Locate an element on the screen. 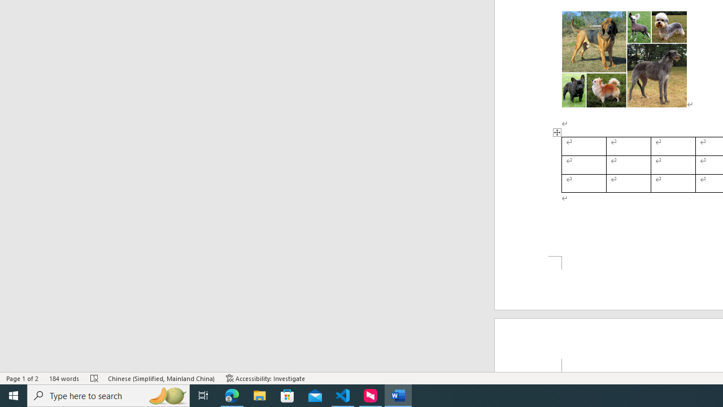 The height and width of the screenshot is (407, 723). 'Language Chinese (Simplified, Mainland China)' is located at coordinates (161, 378).